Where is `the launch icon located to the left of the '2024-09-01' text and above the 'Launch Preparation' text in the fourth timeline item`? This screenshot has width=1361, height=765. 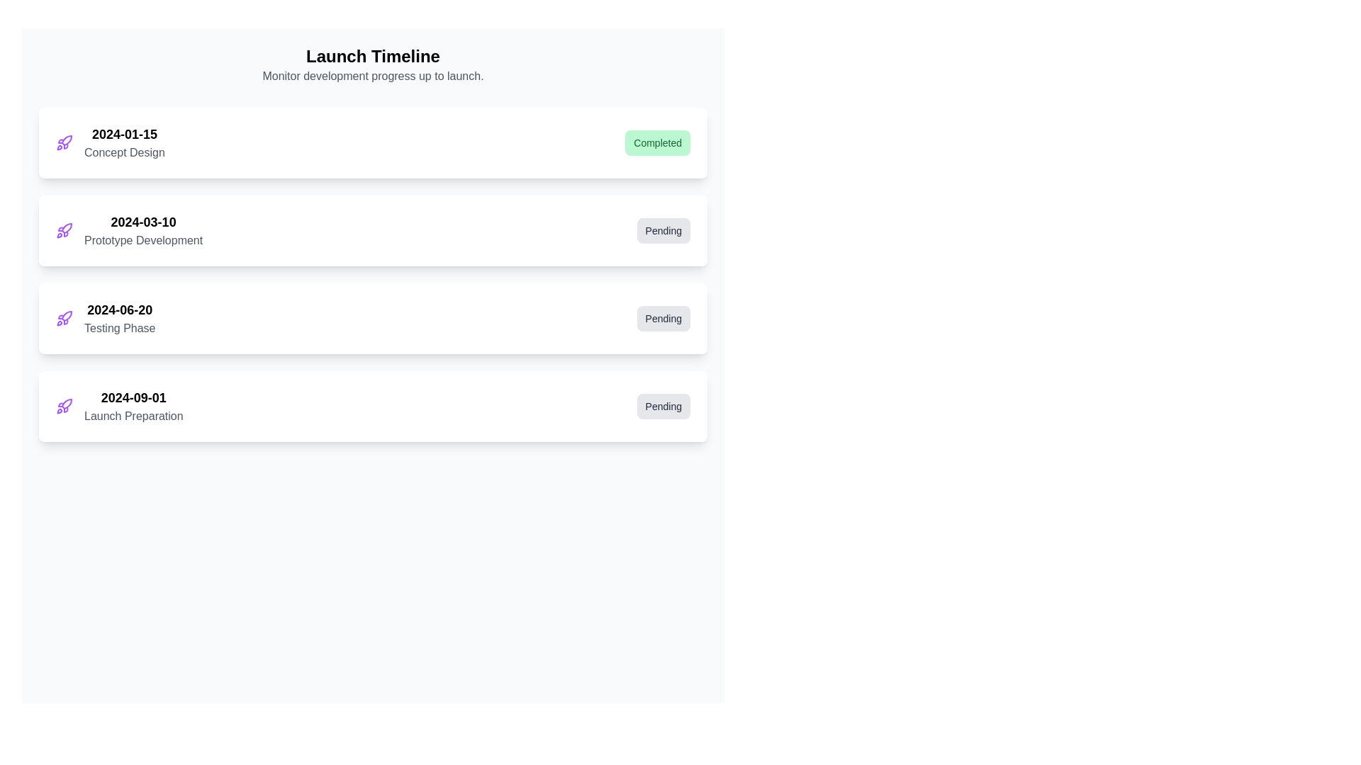
the launch icon located to the left of the '2024-09-01' text and above the 'Launch Preparation' text in the fourth timeline item is located at coordinates (64, 407).